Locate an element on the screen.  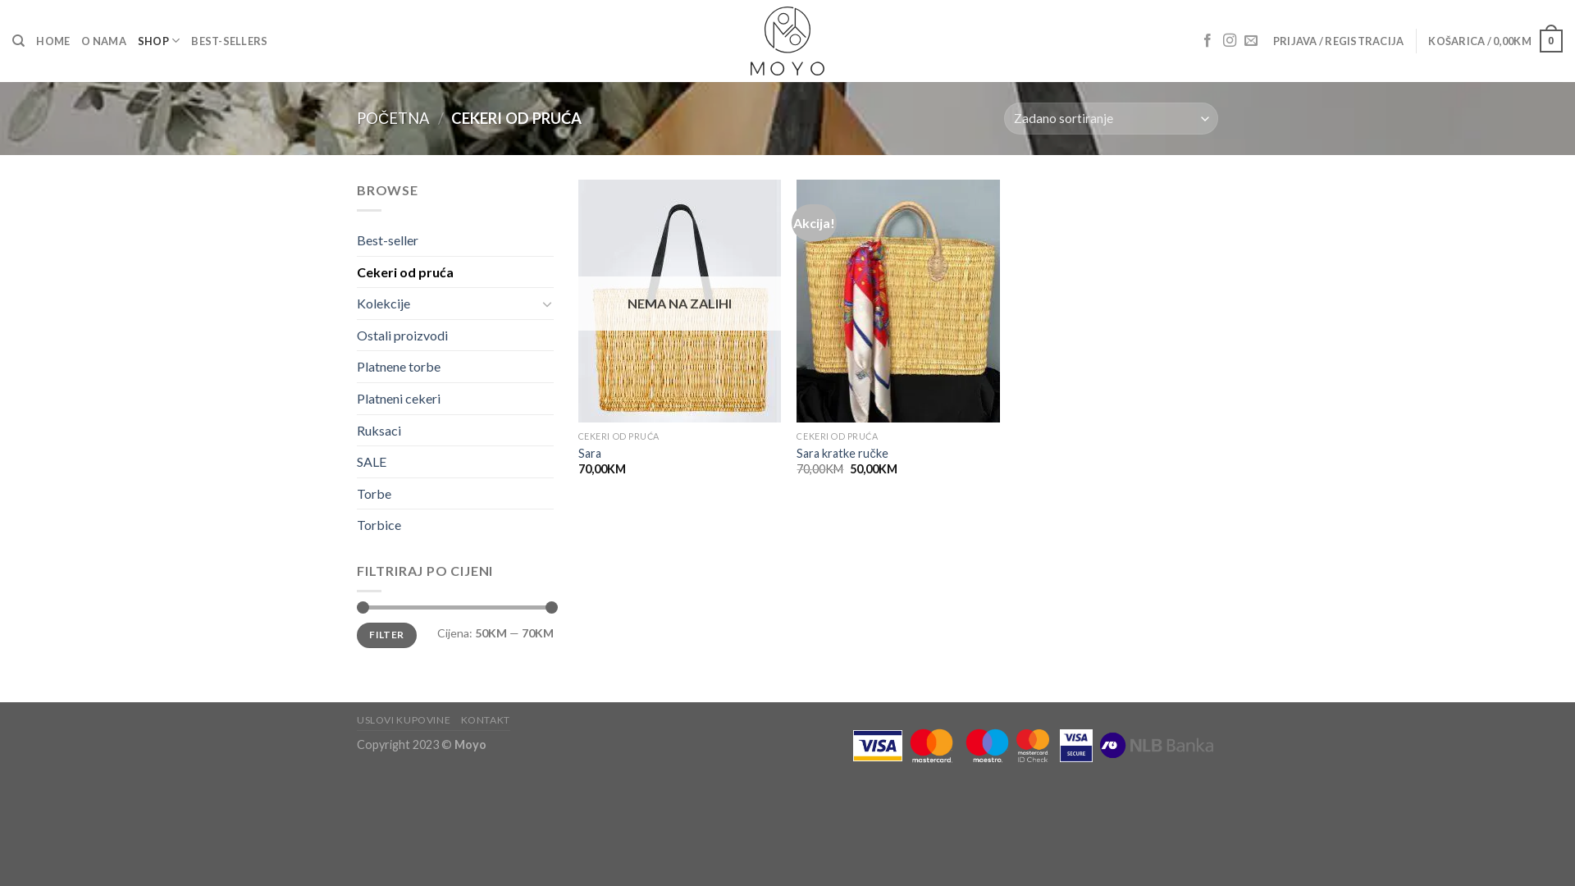
'Platneni cekeri' is located at coordinates (455, 399).